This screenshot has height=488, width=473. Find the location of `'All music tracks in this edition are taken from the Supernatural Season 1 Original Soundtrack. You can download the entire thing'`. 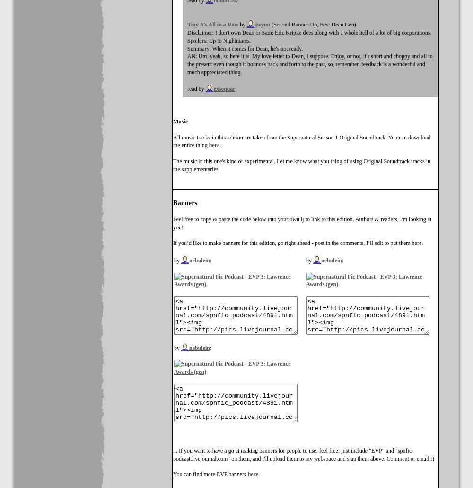

'All music tracks in this edition are taken from the Supernatural Season 1 Original Soundtrack. You can download the entire thing' is located at coordinates (302, 141).